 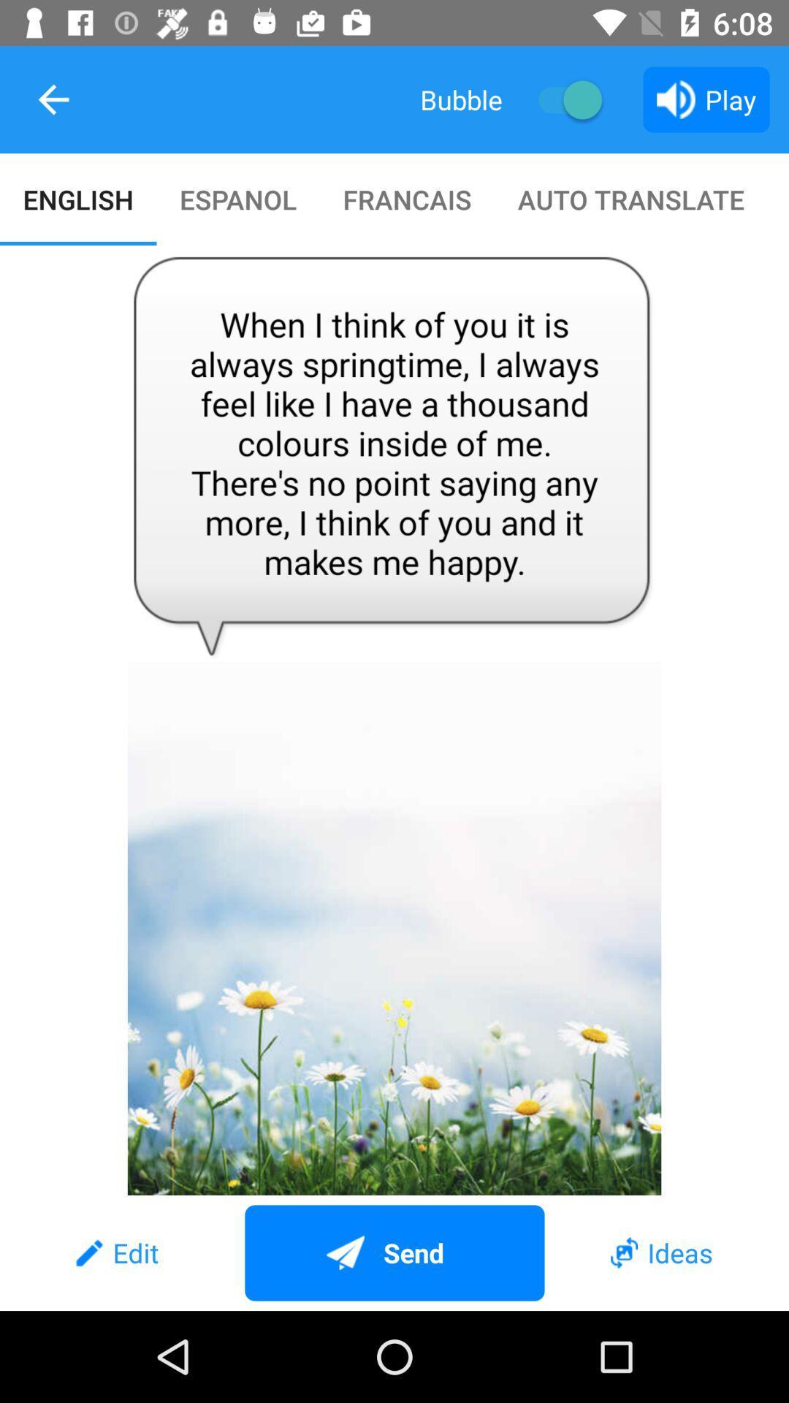 I want to click on on or off, so click(x=563, y=99).